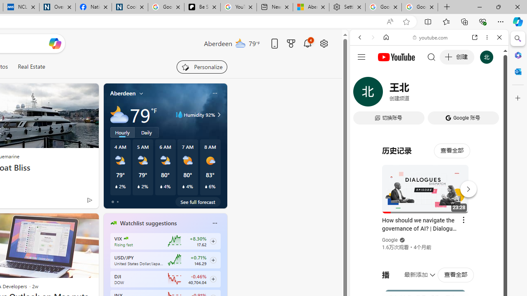 This screenshot has width=527, height=296. What do you see at coordinates (414, 93) in the screenshot?
I see `'VIDEOS'` at bounding box center [414, 93].